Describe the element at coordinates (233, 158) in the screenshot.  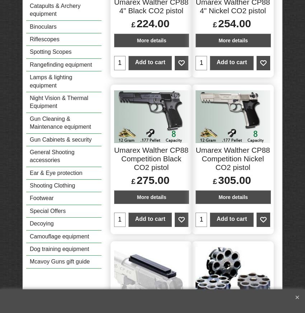
I see `'Umarex Walther CP88 Competition Nickel CO2 pistol'` at that location.